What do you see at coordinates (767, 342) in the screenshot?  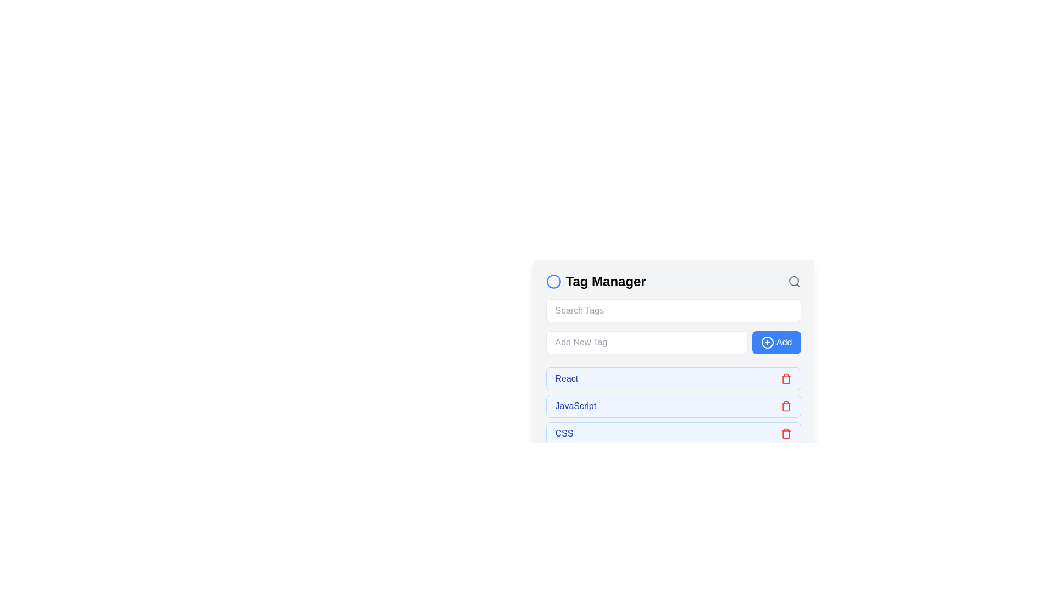 I see `the circular '+' icon with a blue background located within the 'Add' button in the 'Tag Manager' interface` at bounding box center [767, 342].